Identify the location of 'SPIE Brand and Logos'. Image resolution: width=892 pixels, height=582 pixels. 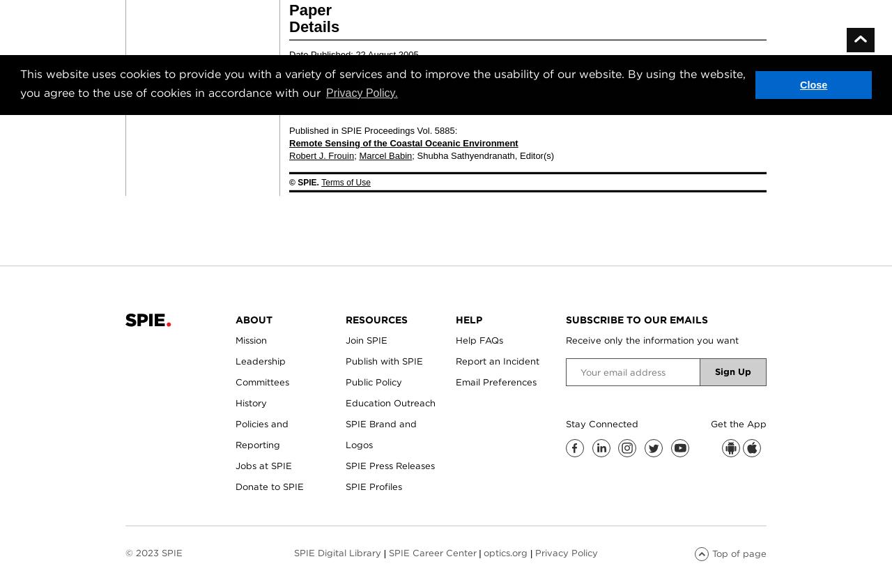
(346, 434).